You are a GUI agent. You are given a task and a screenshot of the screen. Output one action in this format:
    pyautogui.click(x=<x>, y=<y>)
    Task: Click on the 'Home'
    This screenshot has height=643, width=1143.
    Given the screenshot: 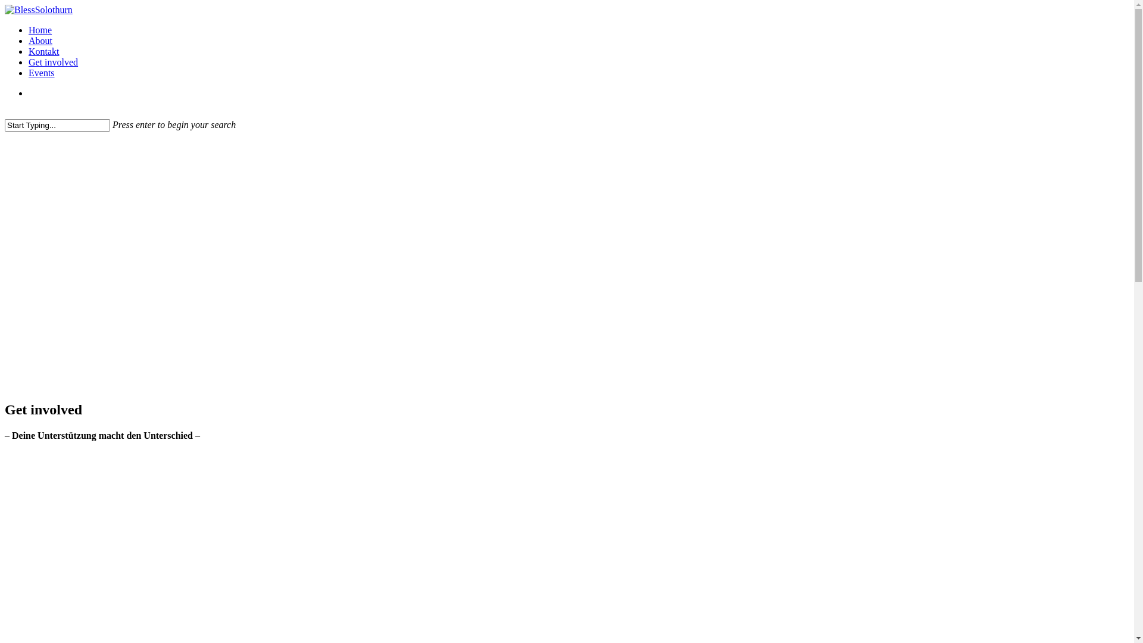 What is the action you would take?
    pyautogui.click(x=40, y=29)
    